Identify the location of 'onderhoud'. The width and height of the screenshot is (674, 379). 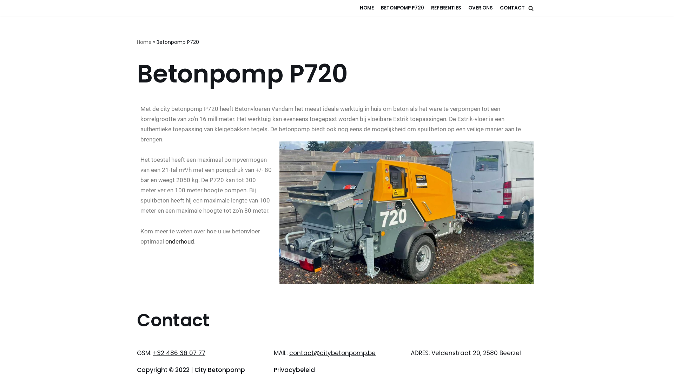
(180, 241).